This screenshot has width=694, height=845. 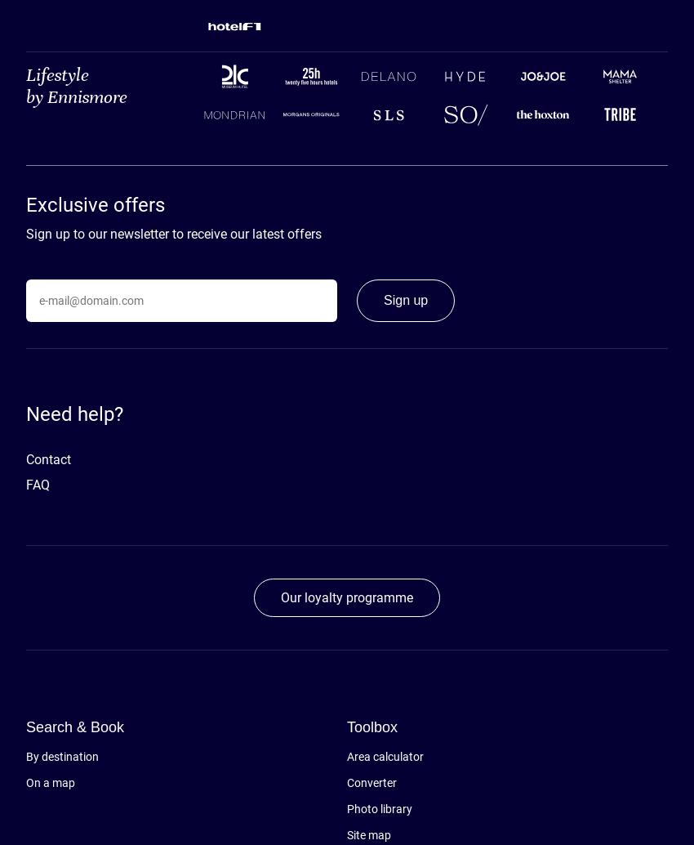 What do you see at coordinates (368, 834) in the screenshot?
I see `'Site map'` at bounding box center [368, 834].